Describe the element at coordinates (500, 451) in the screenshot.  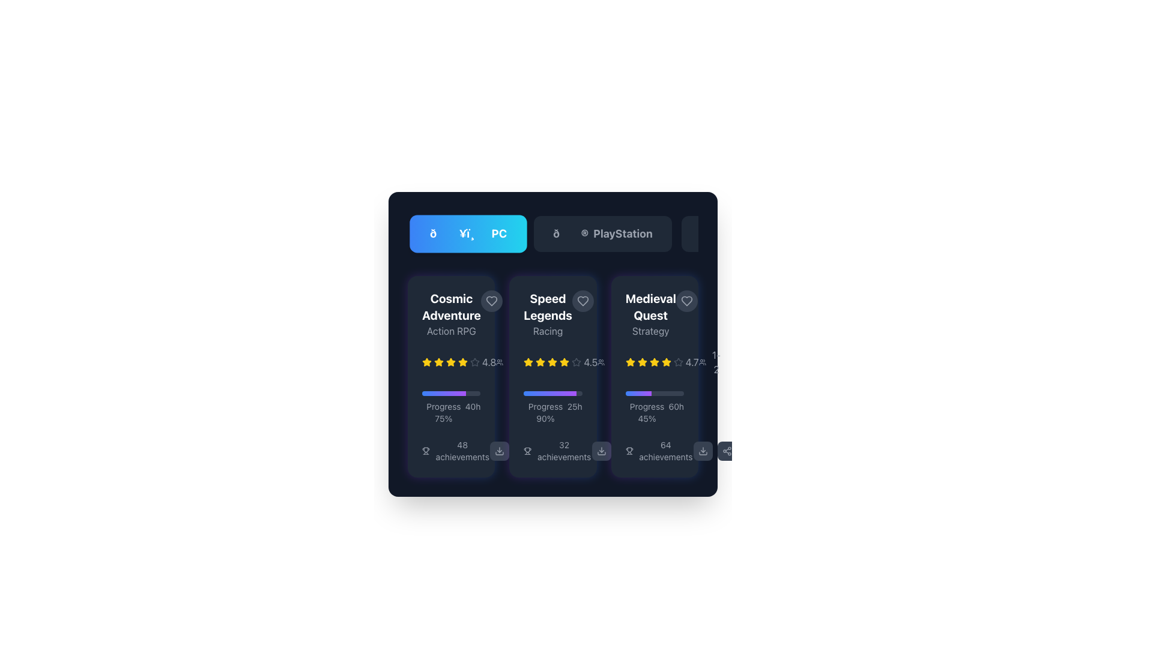
I see `the download icon located at the rightmost edge of the button in the second game card` at that location.